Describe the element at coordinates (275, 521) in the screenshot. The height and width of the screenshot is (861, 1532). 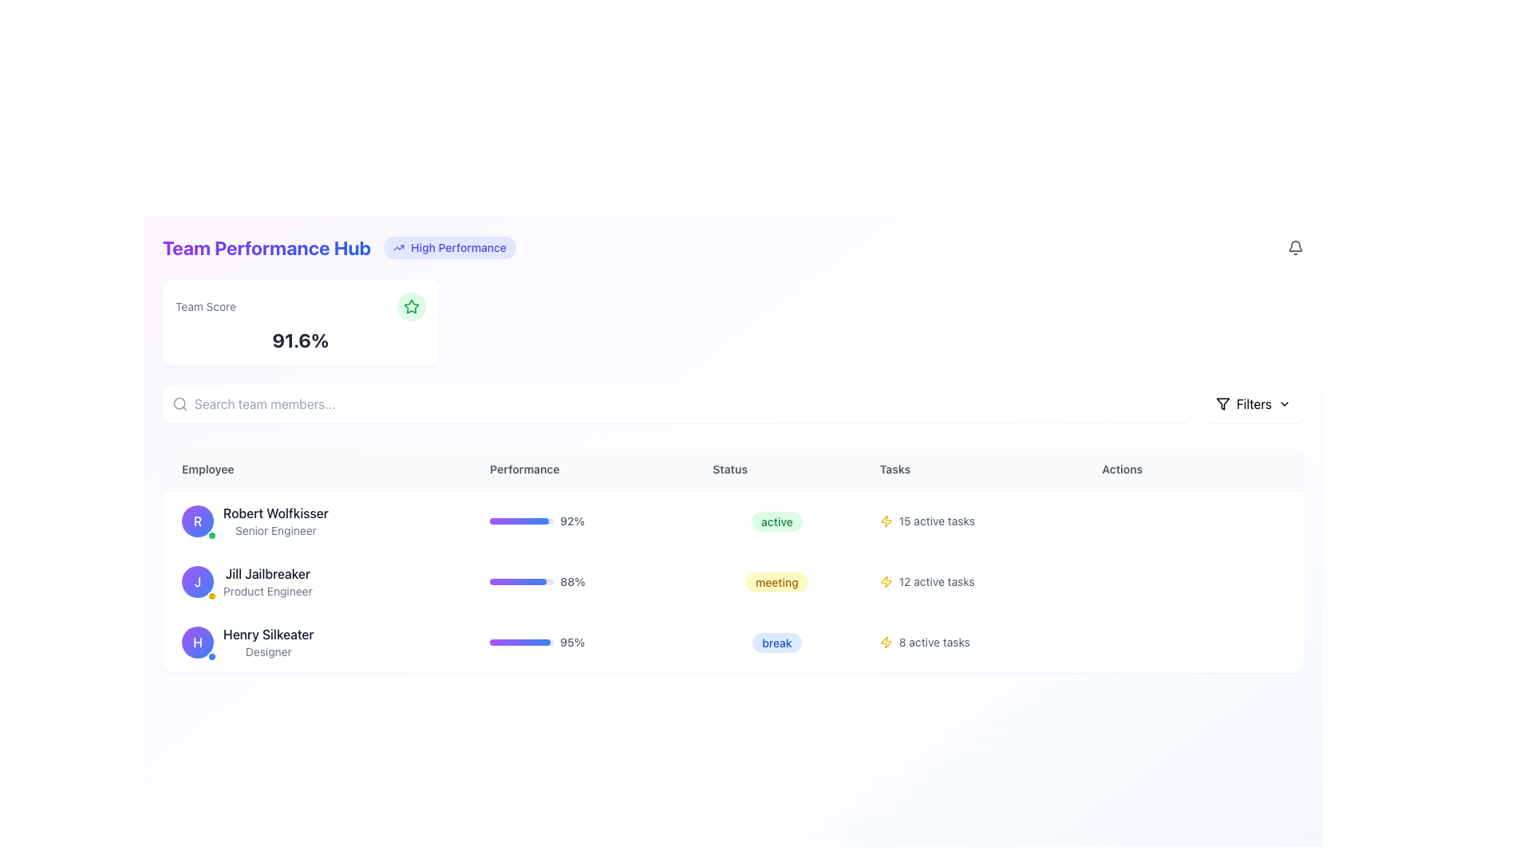
I see `displayed name 'Robert Wolfkisser' and role 'Senior Engineer' from the first row of the employee list in the 'Employee' column` at that location.